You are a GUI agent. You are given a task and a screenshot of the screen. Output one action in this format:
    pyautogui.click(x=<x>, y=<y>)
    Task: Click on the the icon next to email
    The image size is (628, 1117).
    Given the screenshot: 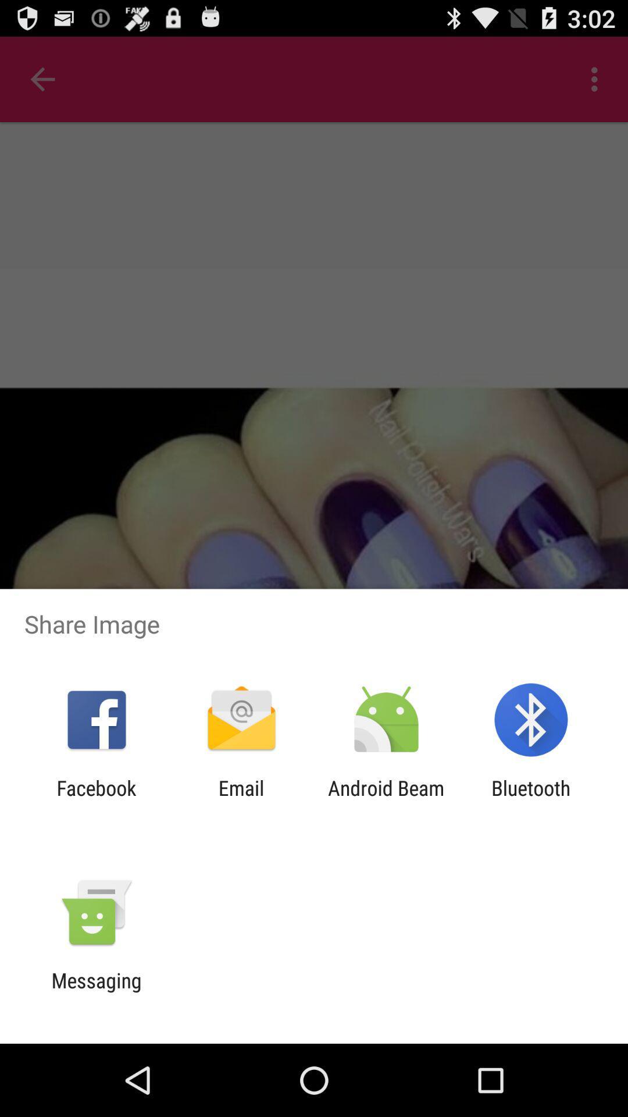 What is the action you would take?
    pyautogui.click(x=96, y=799)
    